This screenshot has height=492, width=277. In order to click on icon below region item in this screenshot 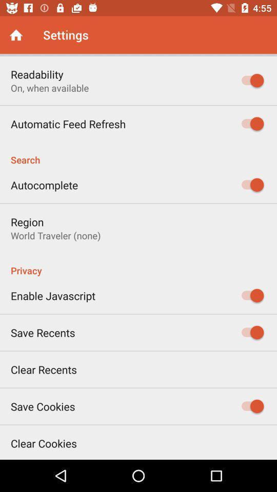, I will do `click(55, 235)`.